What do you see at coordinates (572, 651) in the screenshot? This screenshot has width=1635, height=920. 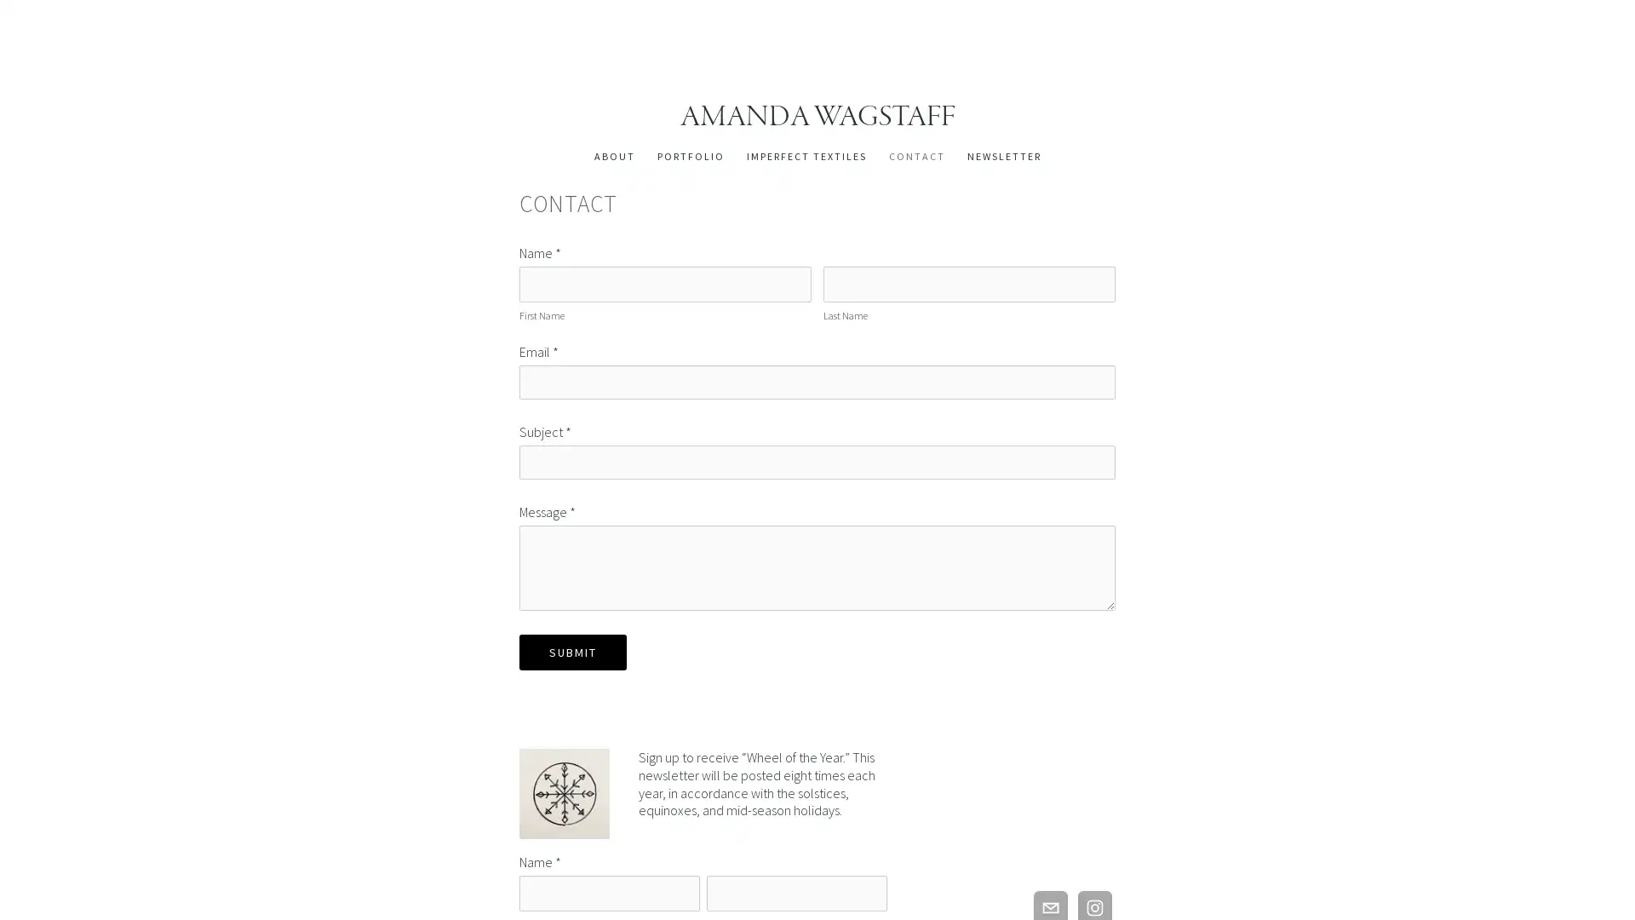 I see `Submit` at bounding box center [572, 651].